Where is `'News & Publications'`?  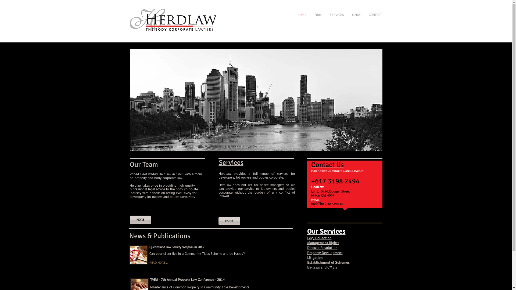 'News & Publications' is located at coordinates (159, 236).